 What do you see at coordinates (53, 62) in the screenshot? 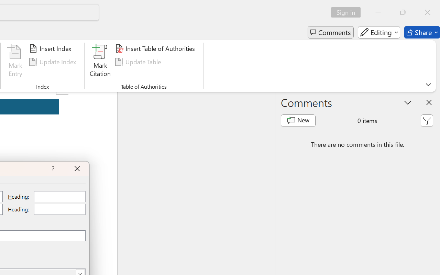
I see `'Update Index'` at bounding box center [53, 62].